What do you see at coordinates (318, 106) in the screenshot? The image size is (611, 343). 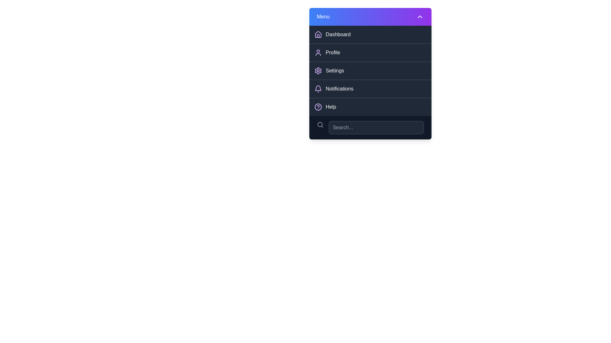 I see `the central circle of the help icon, which is the fifth item in the vertical list of menu options` at bounding box center [318, 106].